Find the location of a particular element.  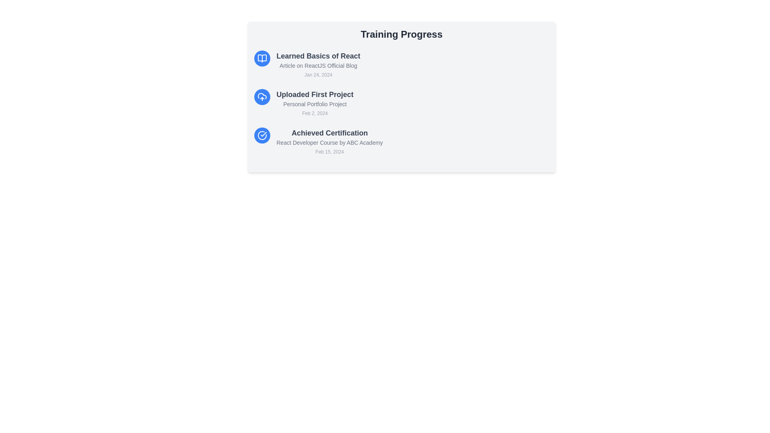

the central List with descriptive entries in the 'Training Progress' section that presents the user's achievements is located at coordinates (401, 103).